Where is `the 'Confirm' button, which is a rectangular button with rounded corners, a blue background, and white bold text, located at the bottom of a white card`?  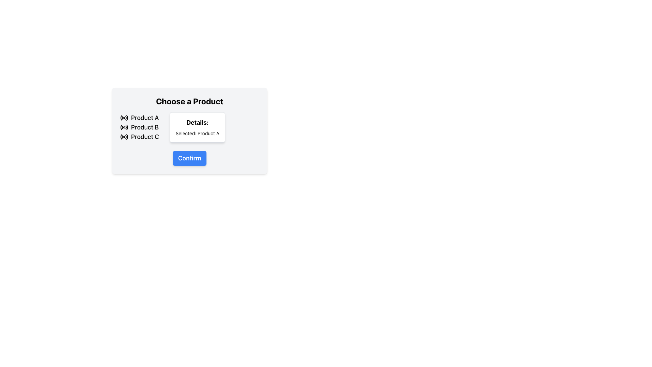 the 'Confirm' button, which is a rectangular button with rounded corners, a blue background, and white bold text, located at the bottom of a white card is located at coordinates (189, 158).